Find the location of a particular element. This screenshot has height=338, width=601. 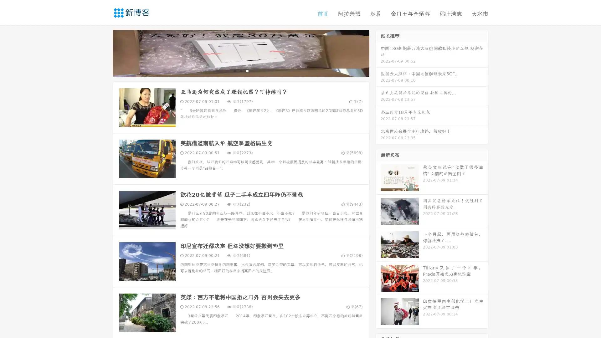

Next slide is located at coordinates (378, 53).